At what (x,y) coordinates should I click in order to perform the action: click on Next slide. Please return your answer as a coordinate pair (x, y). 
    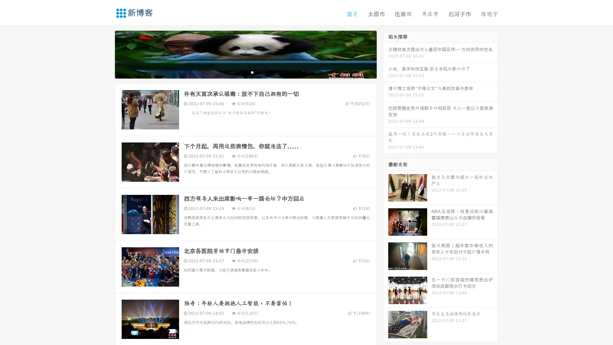
    Looking at the image, I should click on (386, 54).